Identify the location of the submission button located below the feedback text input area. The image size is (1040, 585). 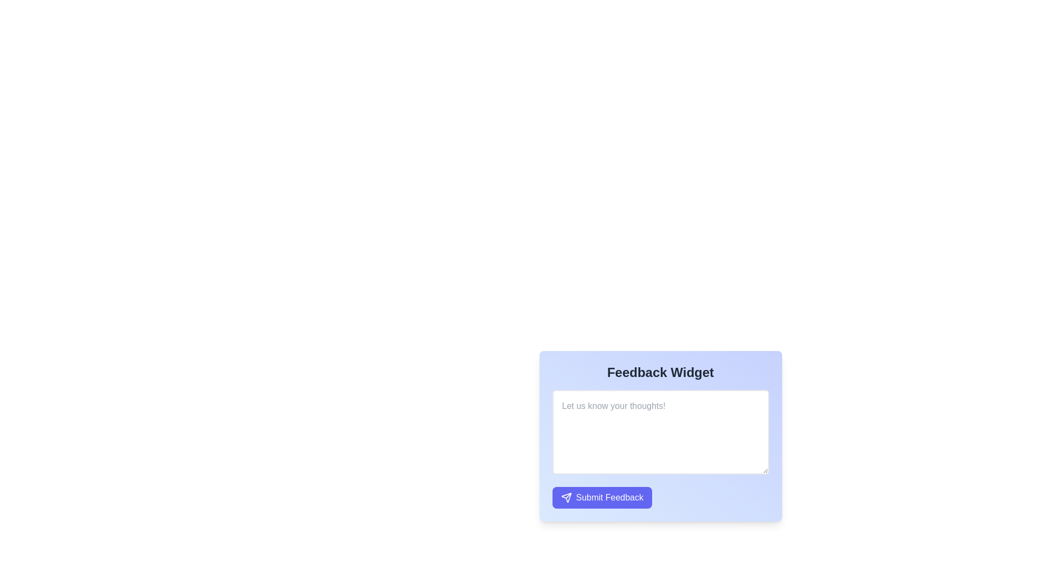
(601, 497).